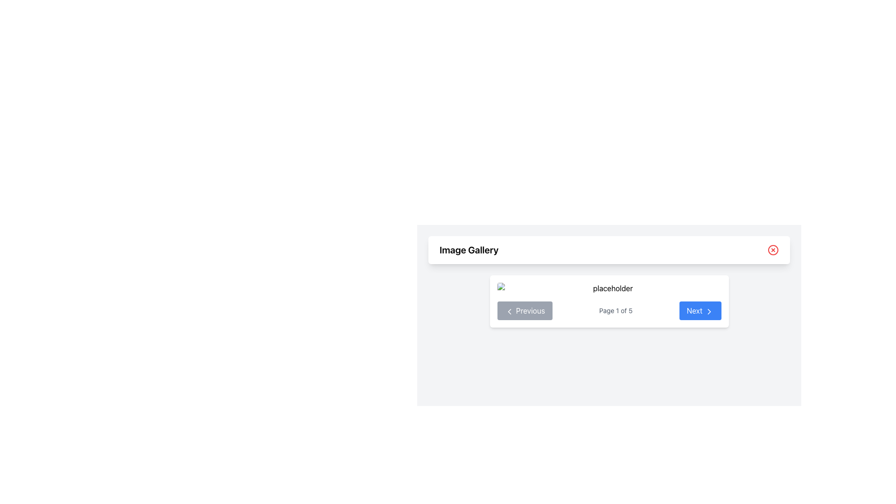  What do you see at coordinates (616, 311) in the screenshot?
I see `the pagination label displaying 'Page 1 of 5', which is positioned between the 'Previous' and 'Next' buttons in the card element` at bounding box center [616, 311].